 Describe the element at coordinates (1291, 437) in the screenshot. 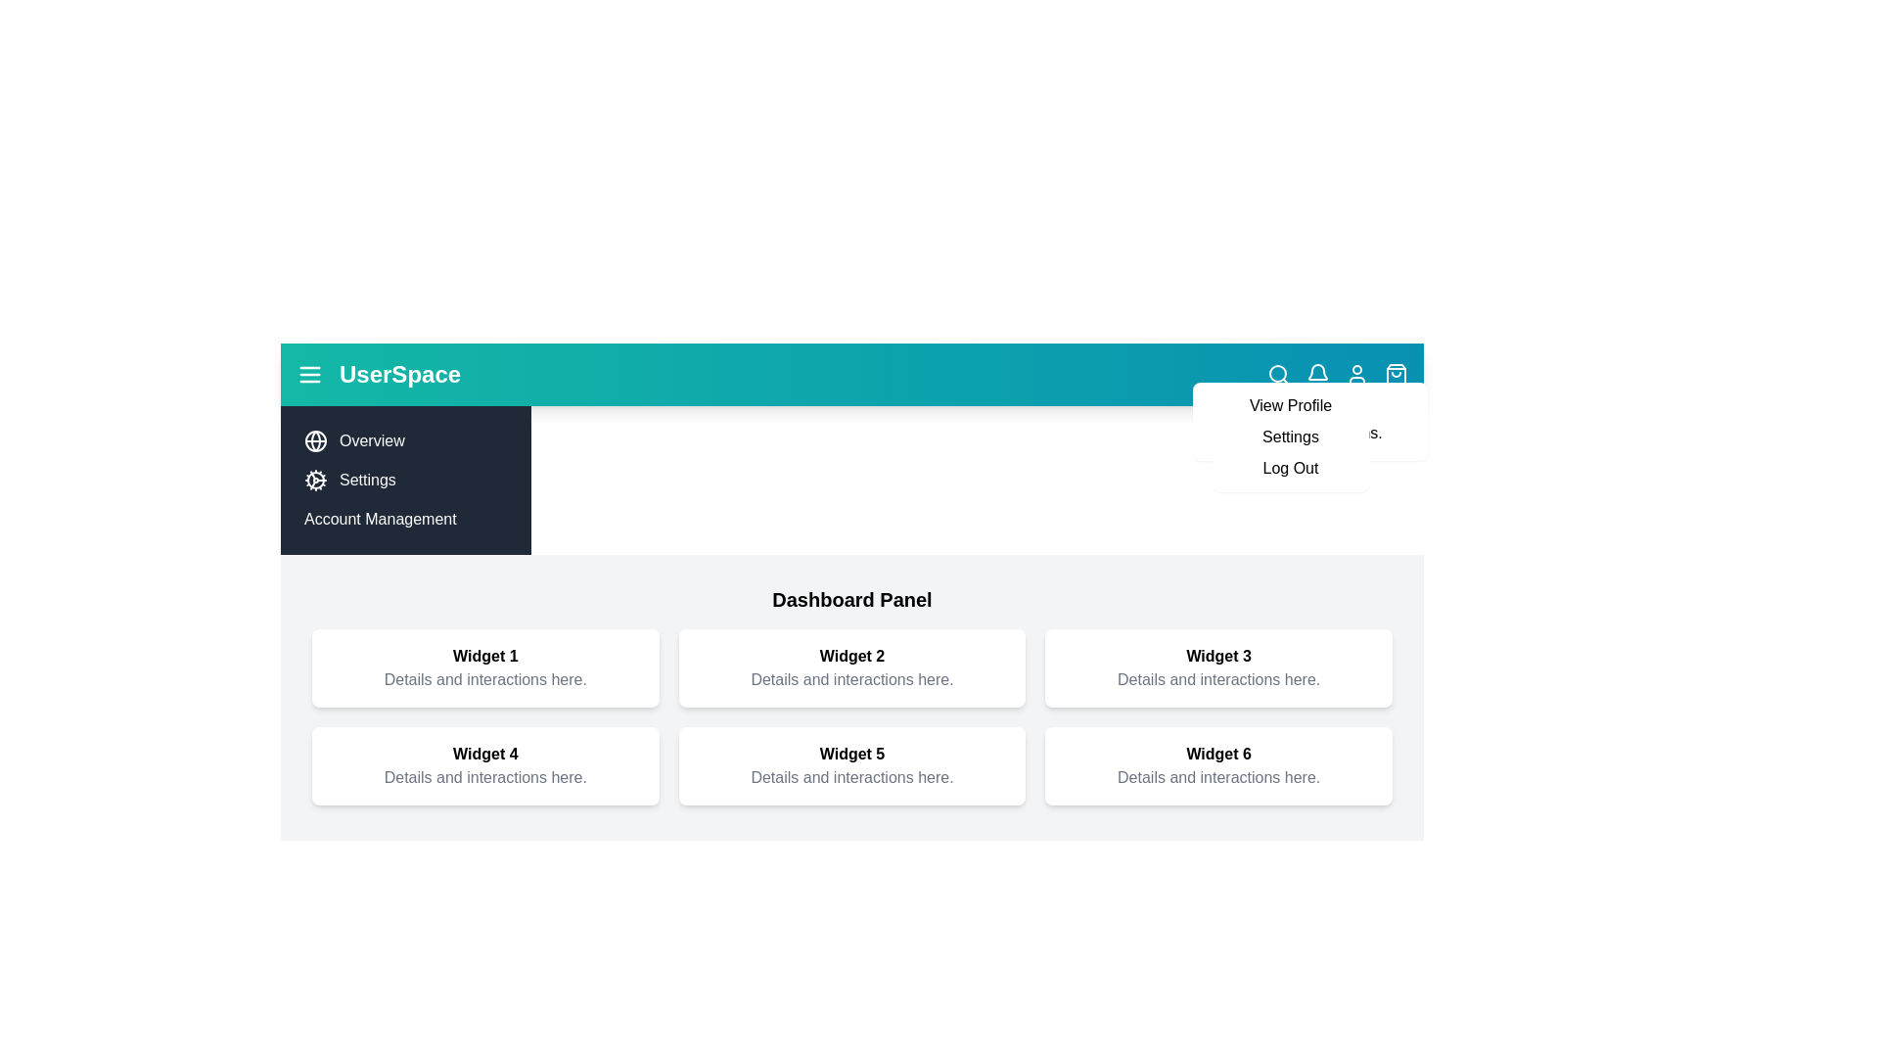

I see `the 'Settings' menu item in the dropdown list, which is the second item among three options ('View Profile', 'Settings', 'Log Out')` at that location.